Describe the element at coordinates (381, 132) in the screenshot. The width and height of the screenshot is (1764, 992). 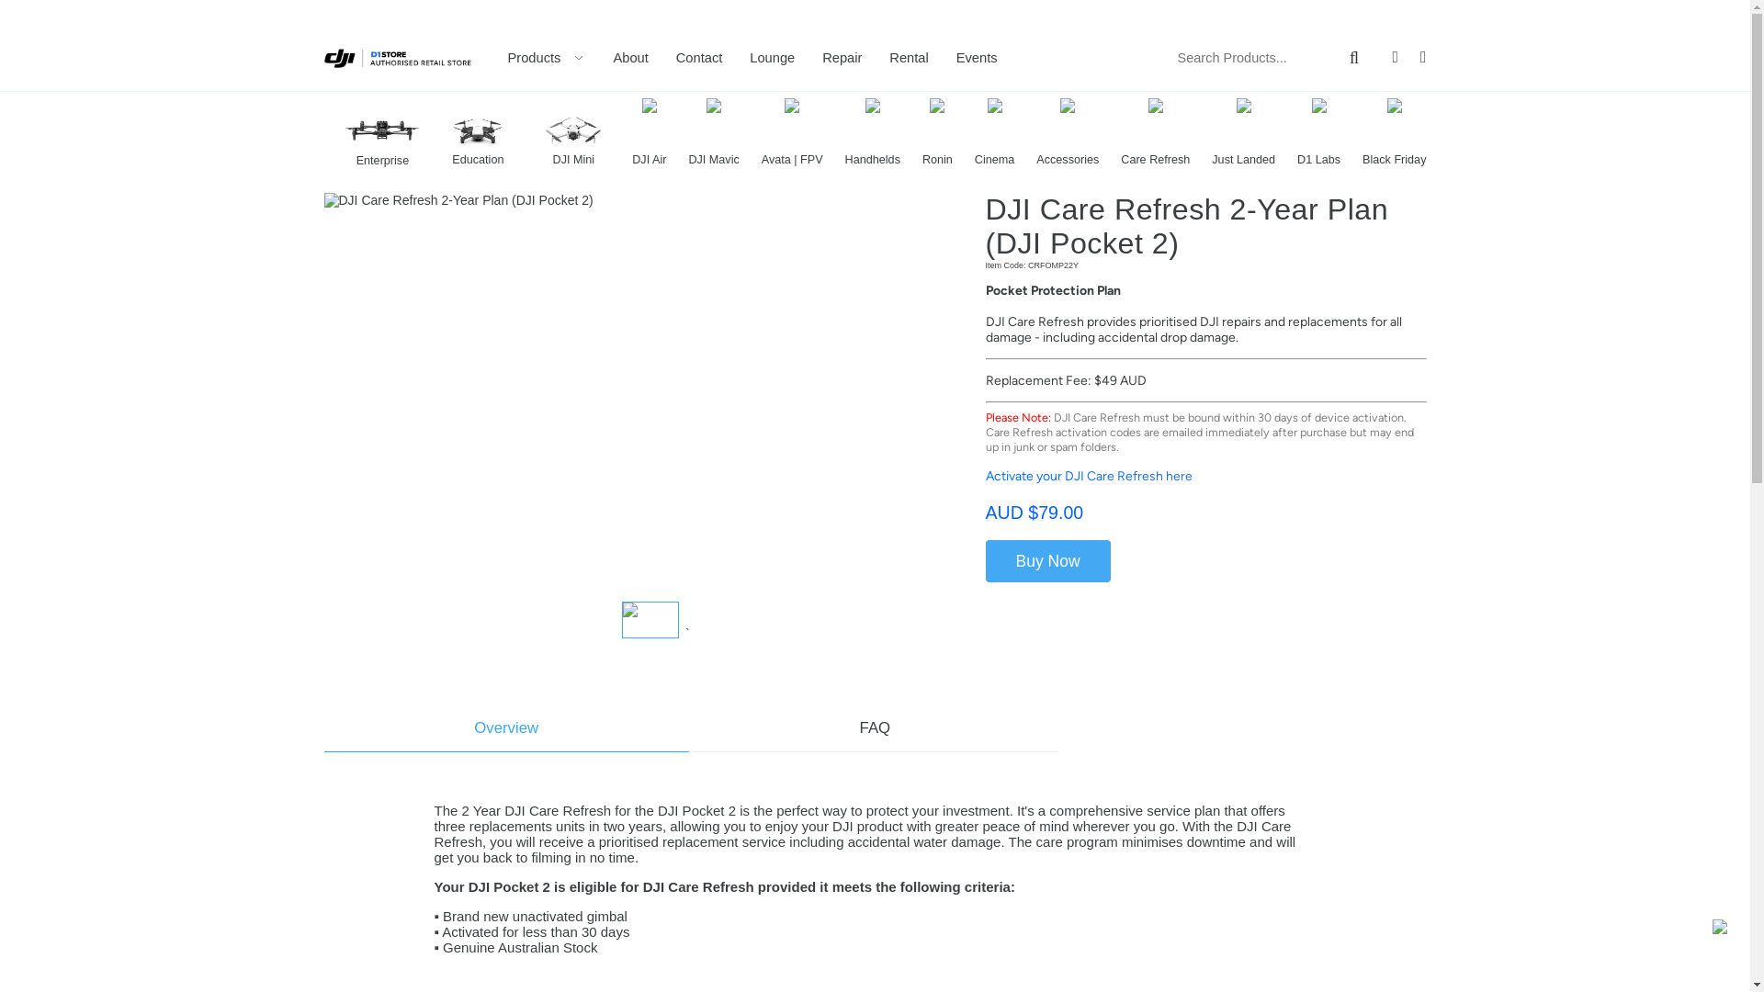
I see `'Enterprise'` at that location.